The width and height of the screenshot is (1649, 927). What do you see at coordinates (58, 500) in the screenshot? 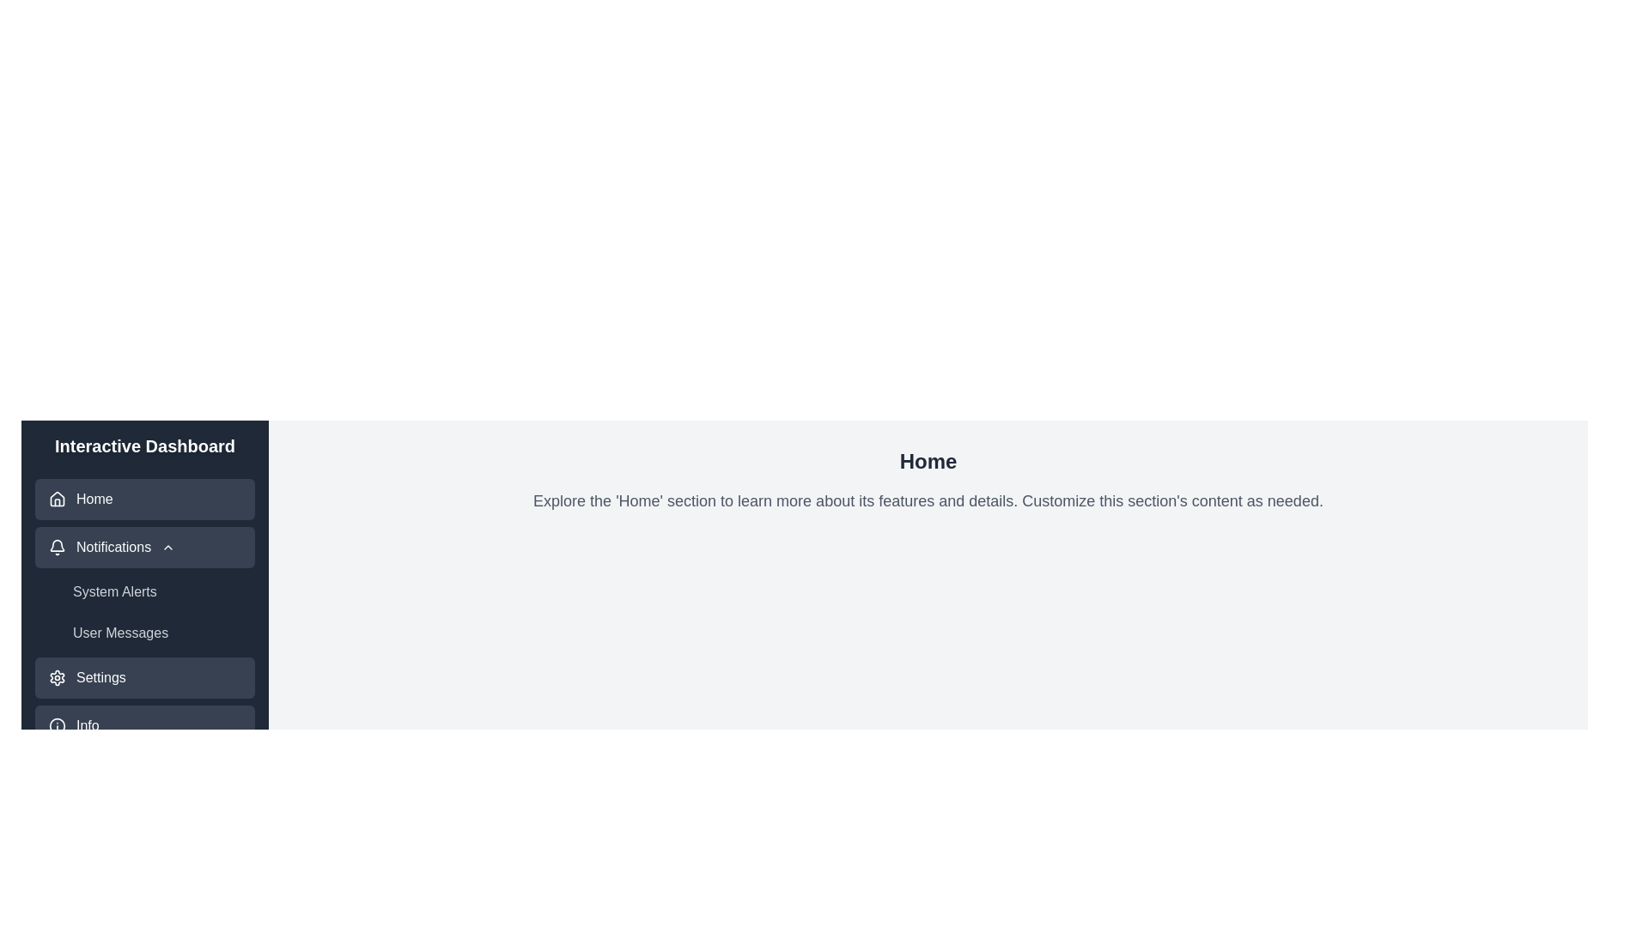
I see `the 'Home' icon in the sidebar` at bounding box center [58, 500].